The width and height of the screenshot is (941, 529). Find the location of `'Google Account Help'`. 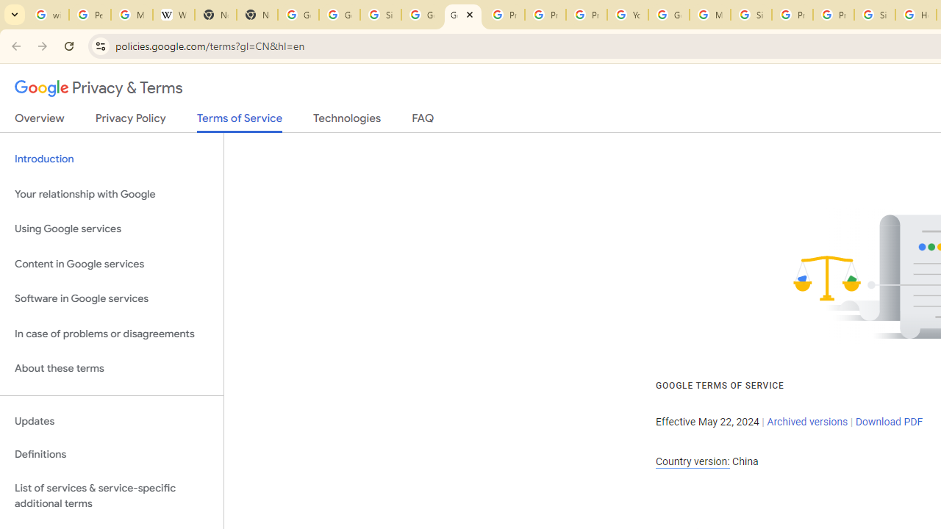

'Google Account Help' is located at coordinates (668, 15).